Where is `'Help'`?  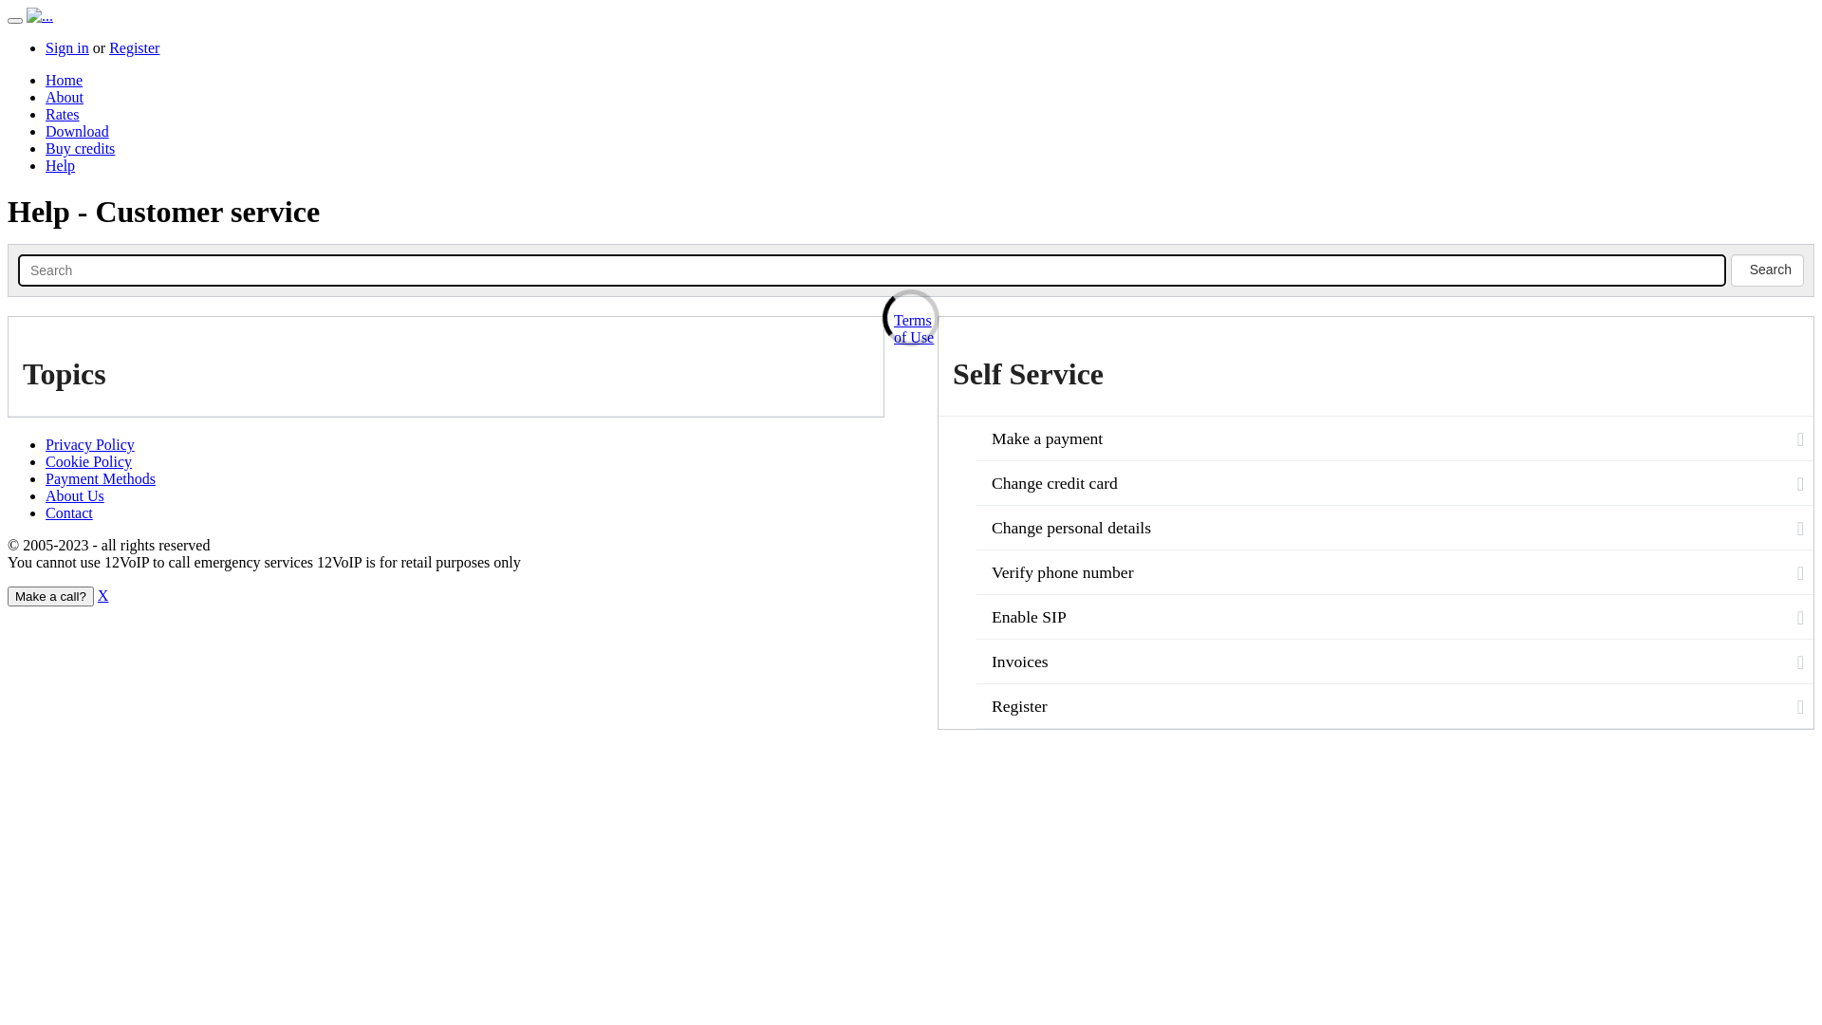
'Help' is located at coordinates (60, 164).